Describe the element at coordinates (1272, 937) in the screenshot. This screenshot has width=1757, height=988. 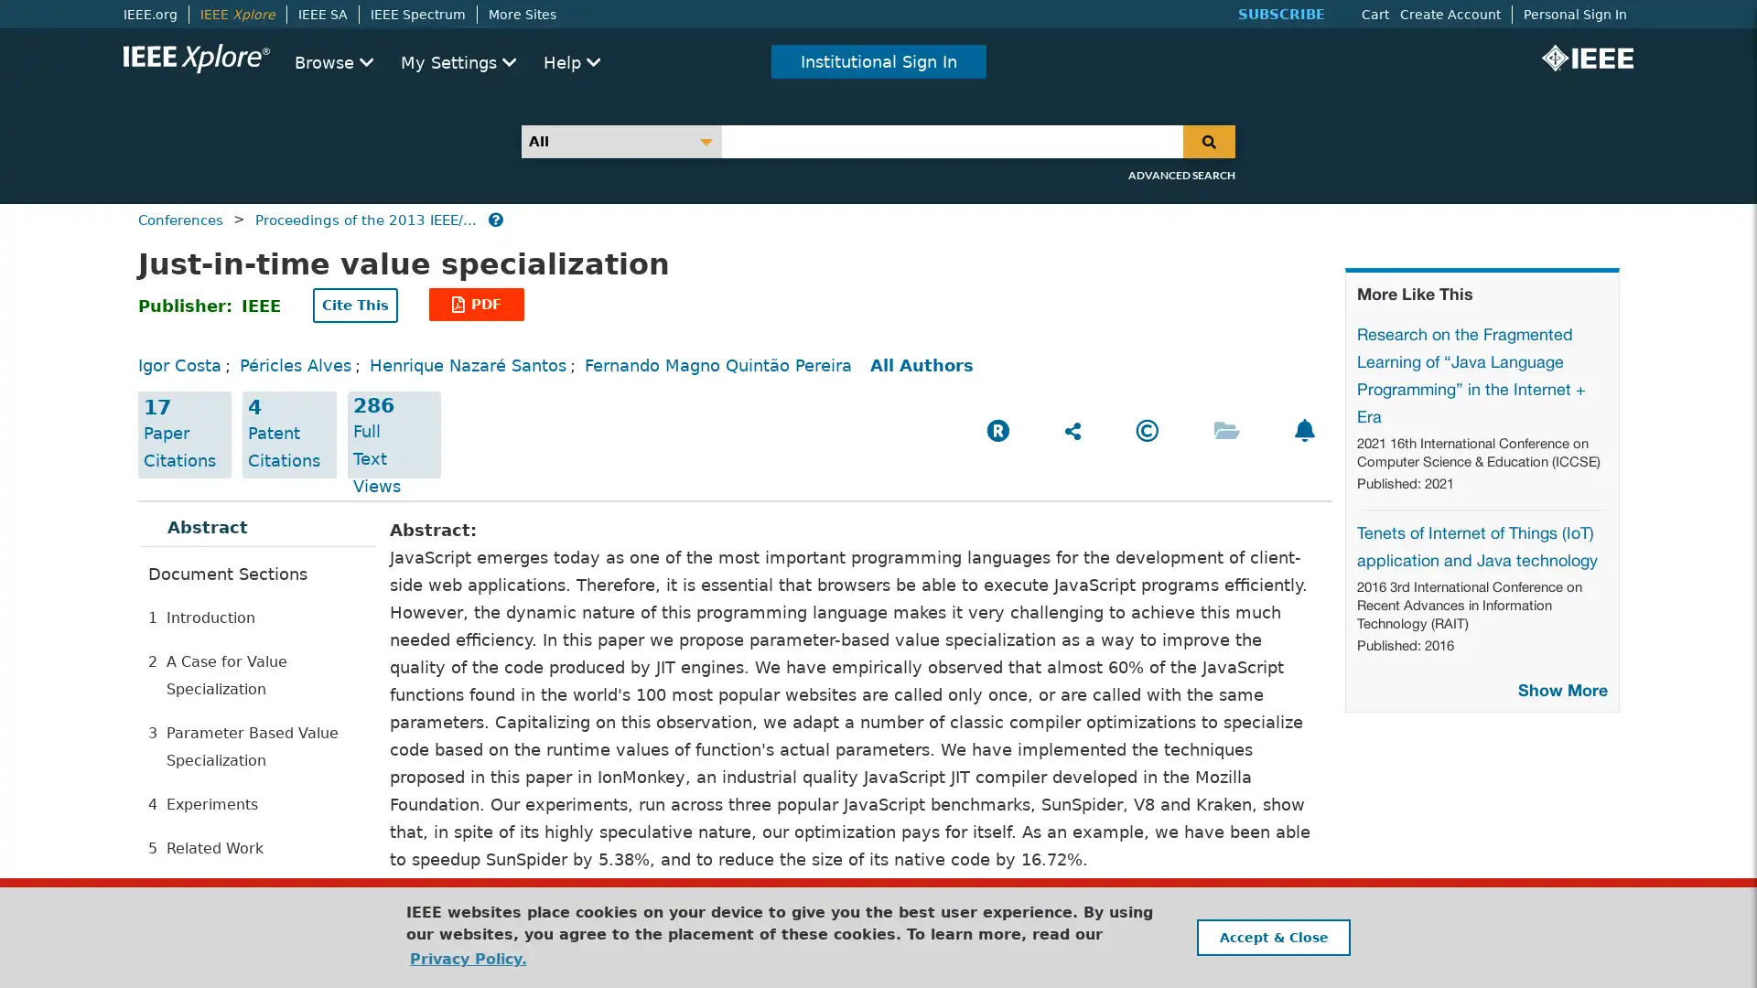
I see `dismiss cookie message` at that location.